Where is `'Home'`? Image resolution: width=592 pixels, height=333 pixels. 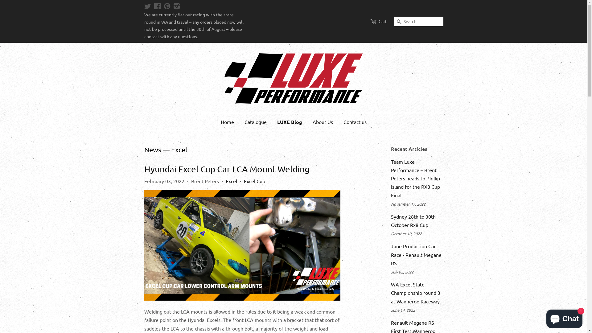
'Home' is located at coordinates (229, 122).